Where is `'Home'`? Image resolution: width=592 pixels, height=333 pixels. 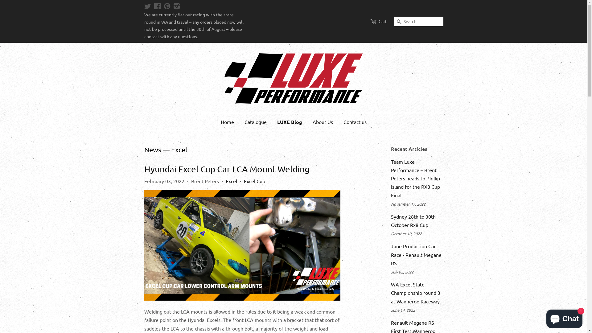
'Home' is located at coordinates (229, 122).